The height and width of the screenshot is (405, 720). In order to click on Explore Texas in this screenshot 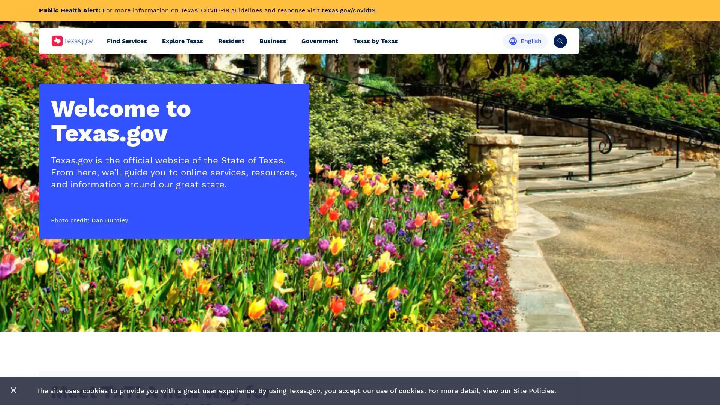, I will do `click(182, 41)`.